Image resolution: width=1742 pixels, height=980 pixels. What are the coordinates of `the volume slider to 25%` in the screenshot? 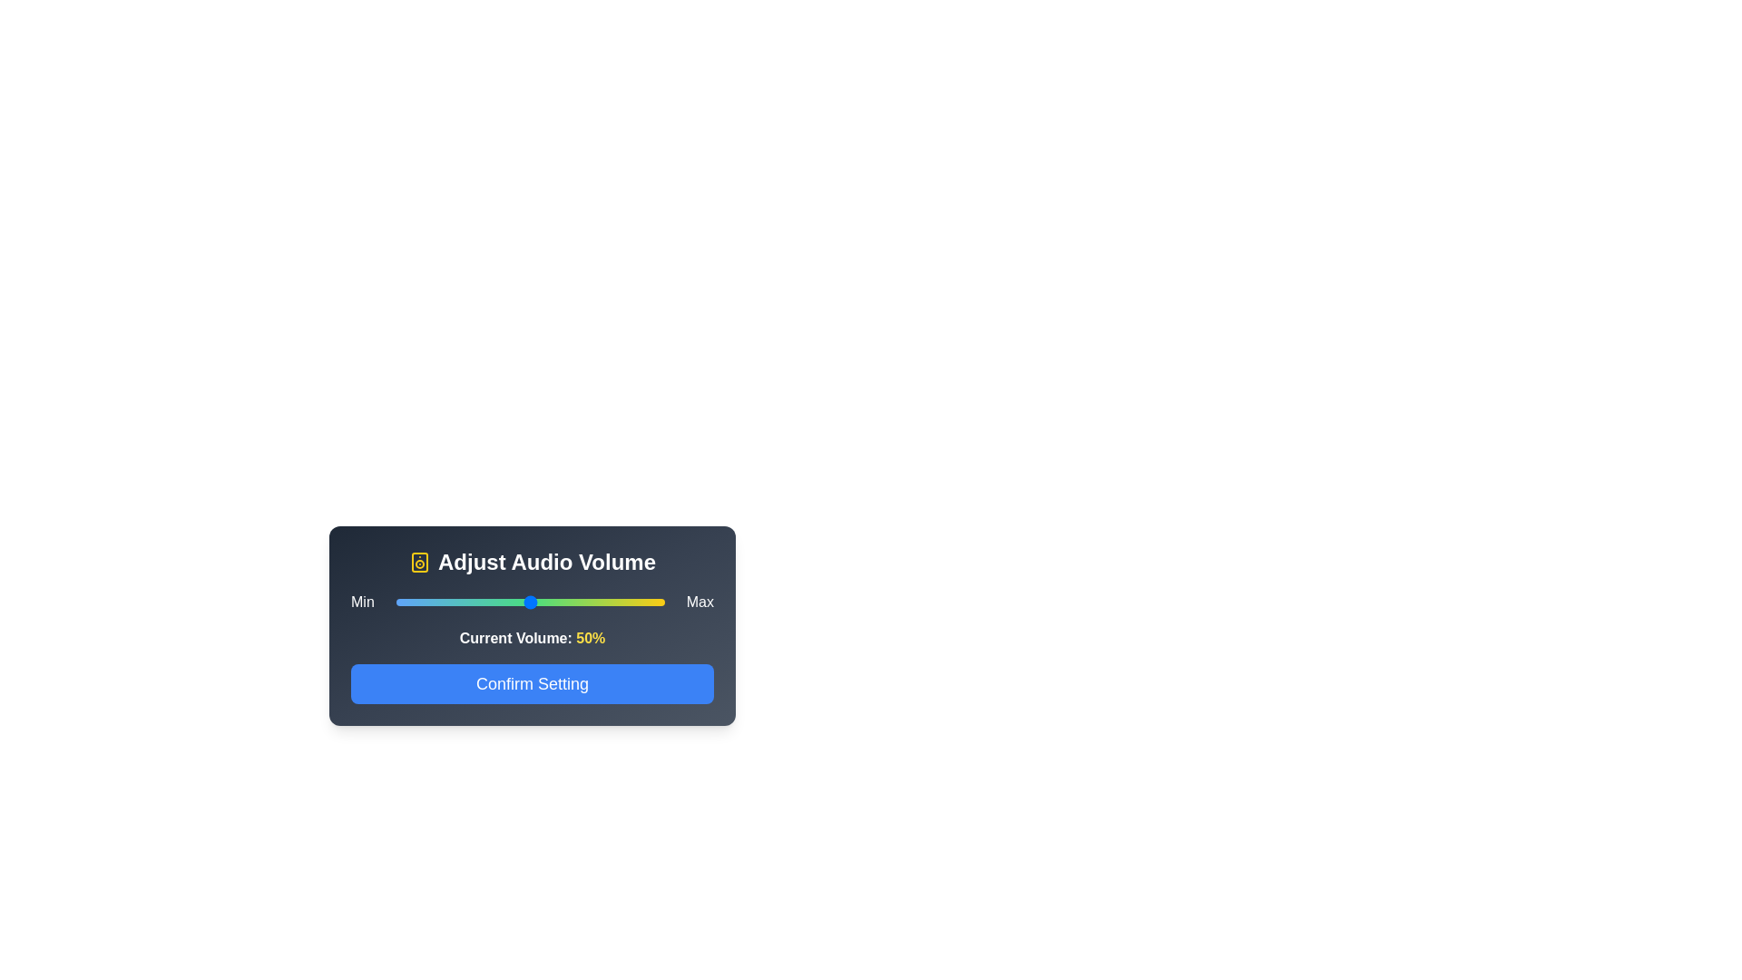 It's located at (463, 602).